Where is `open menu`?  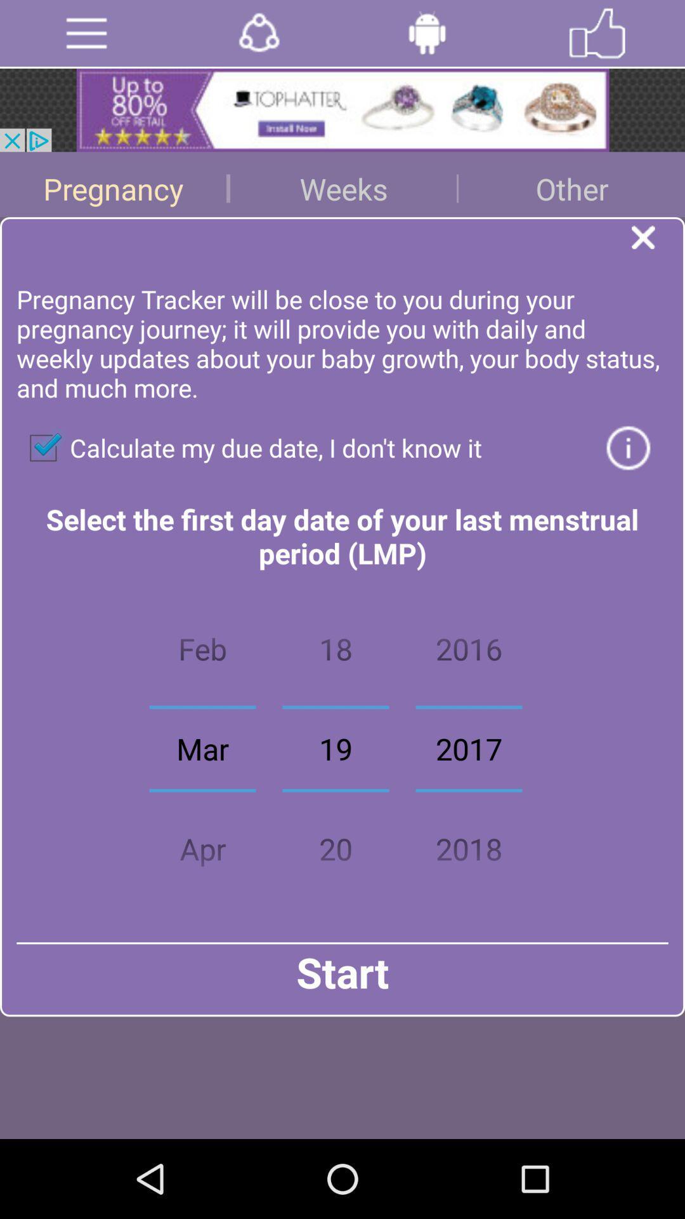 open menu is located at coordinates (86, 33).